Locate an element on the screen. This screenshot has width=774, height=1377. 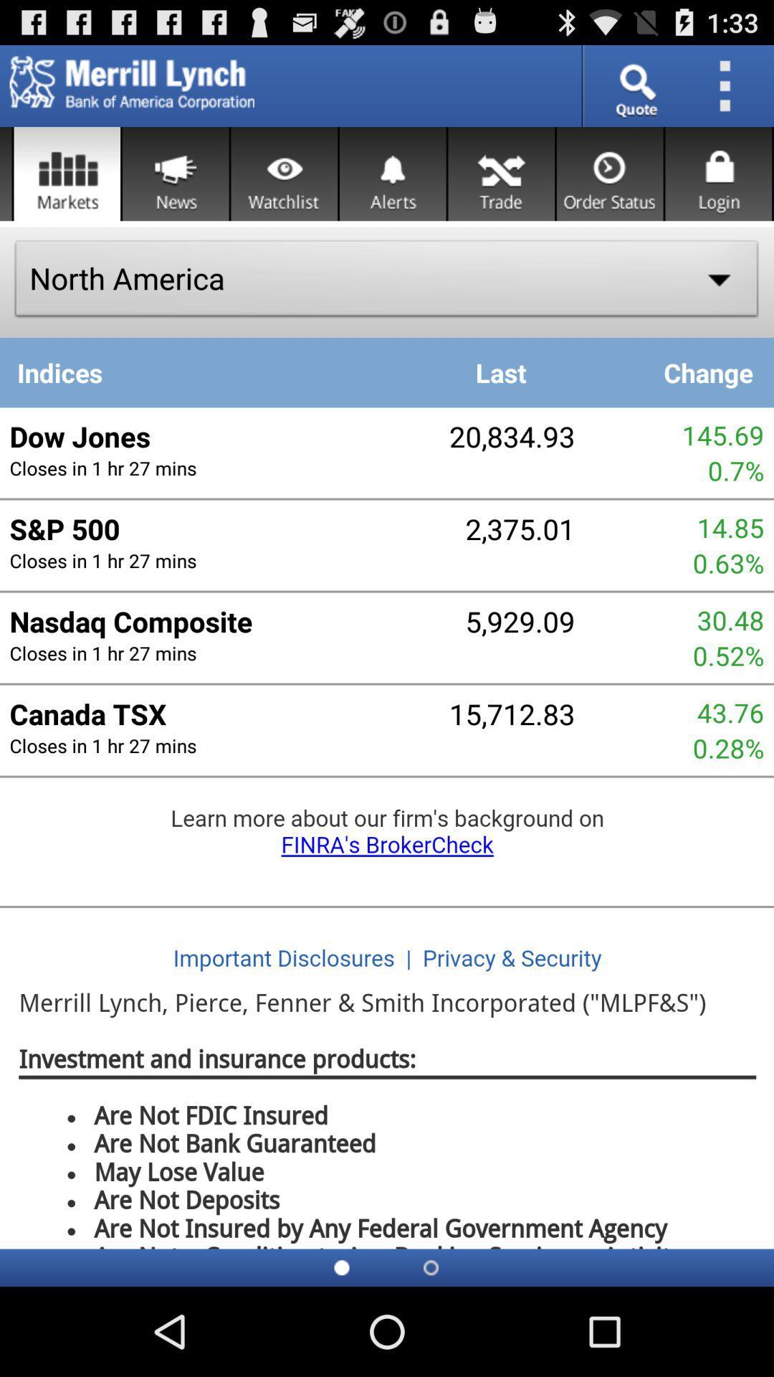
the notifications icon is located at coordinates (393, 185).